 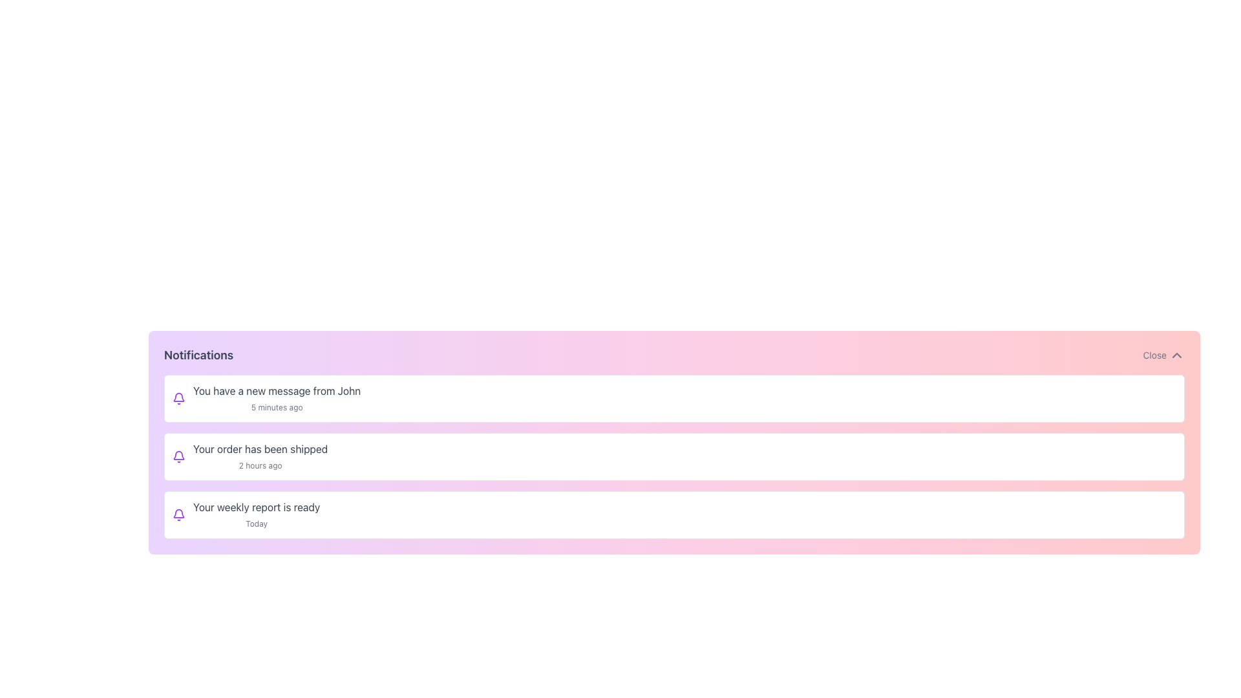 What do you see at coordinates (276, 407) in the screenshot?
I see `the timestamp text displaying the elapsed time since the event associated with the notification from John, located directly below the message text within the notification entry` at bounding box center [276, 407].